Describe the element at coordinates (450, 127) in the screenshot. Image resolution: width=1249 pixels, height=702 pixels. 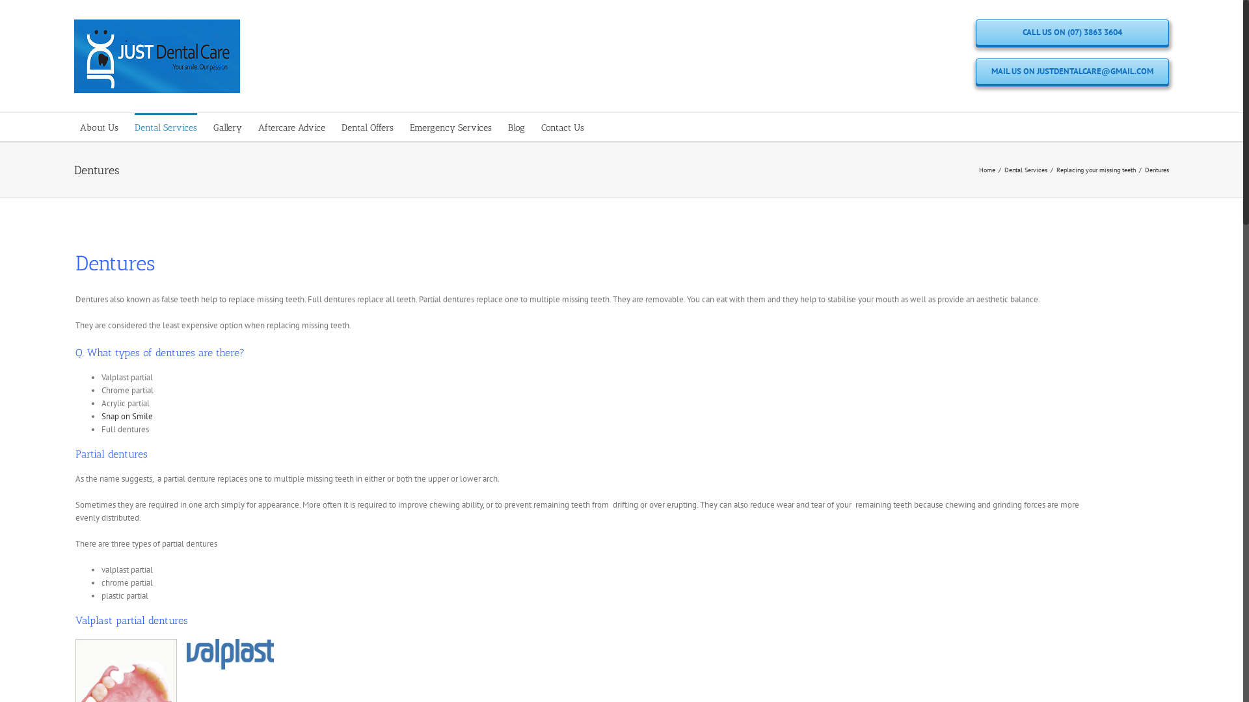
I see `'Emergency Services'` at that location.